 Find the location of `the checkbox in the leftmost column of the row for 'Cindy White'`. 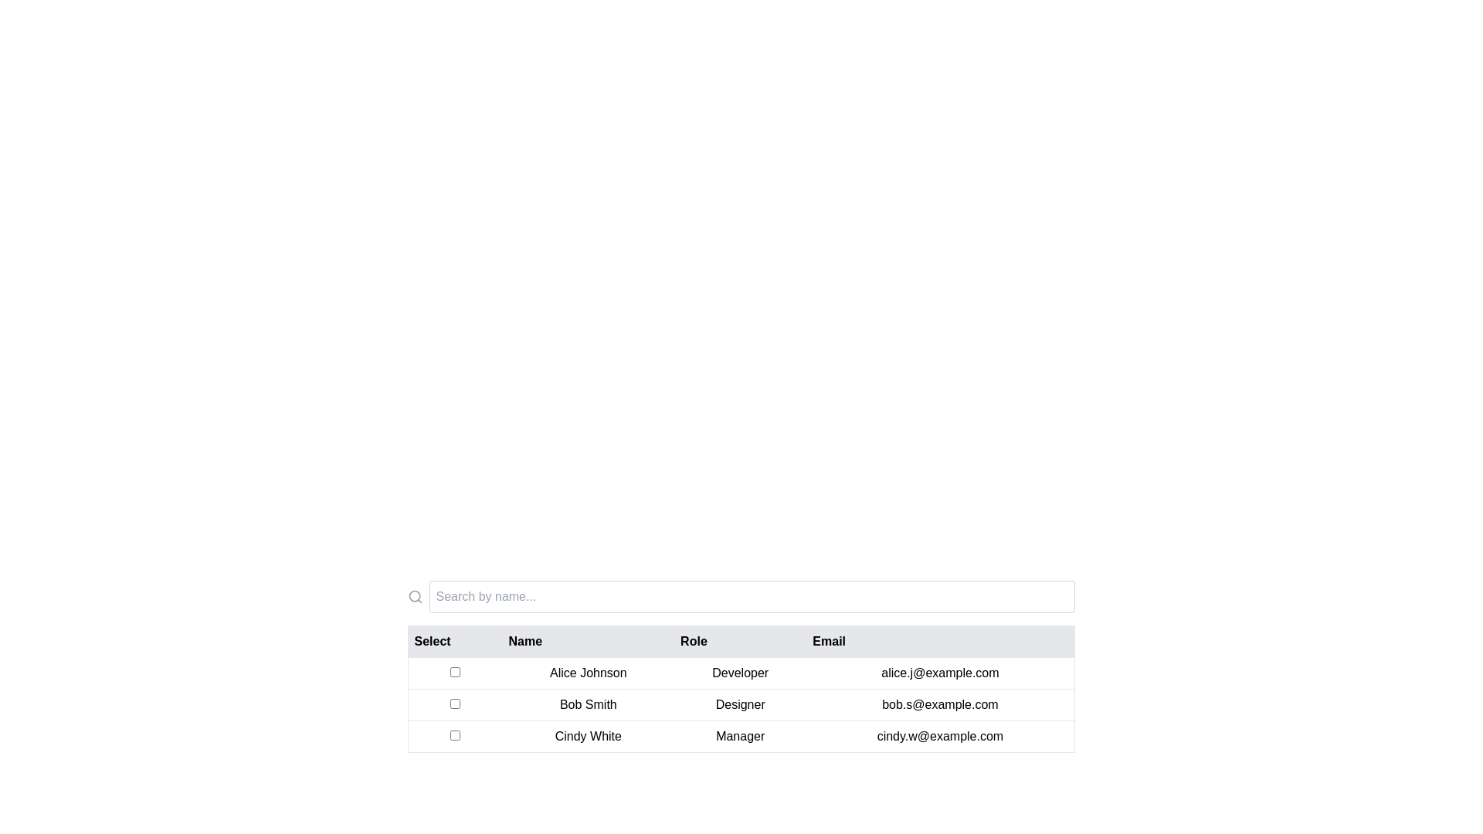

the checkbox in the leftmost column of the row for 'Cindy White' is located at coordinates (454, 735).